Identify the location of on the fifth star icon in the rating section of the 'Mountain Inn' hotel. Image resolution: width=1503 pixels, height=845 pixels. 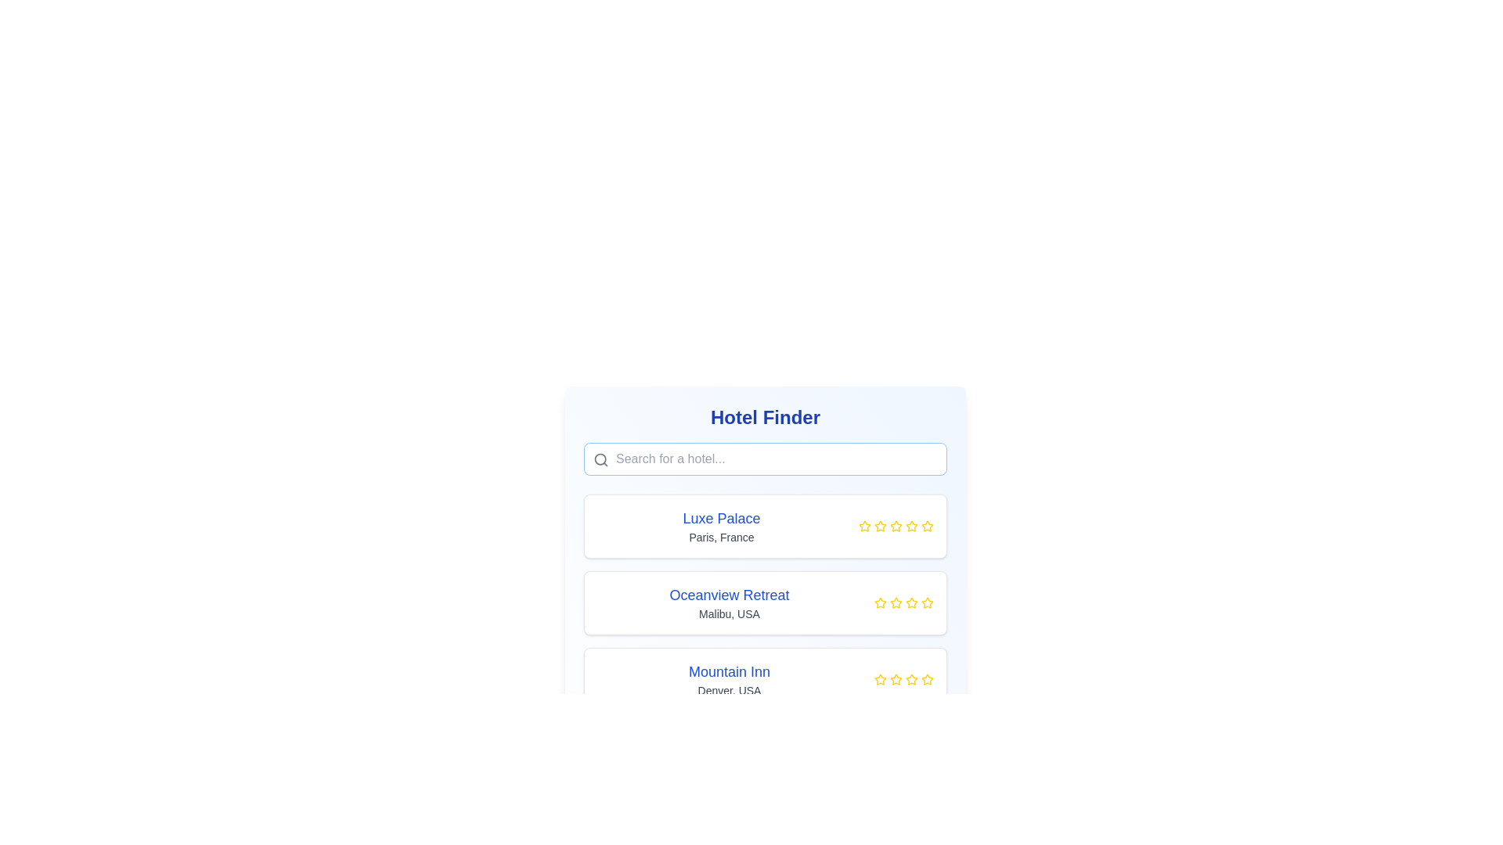
(912, 678).